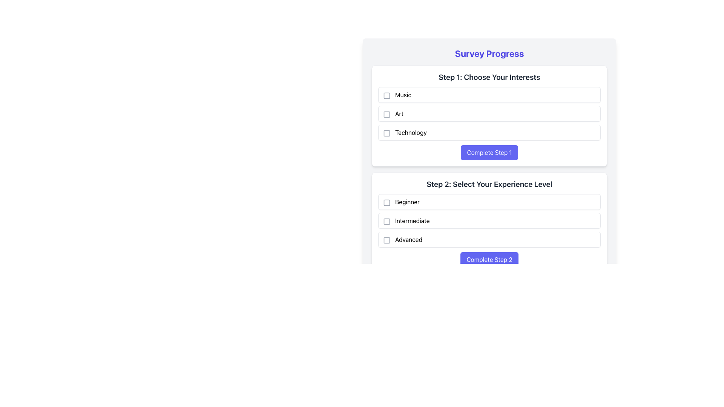 Image resolution: width=724 pixels, height=407 pixels. What do you see at coordinates (489, 113) in the screenshot?
I see `the checkbox labeled 'Art'` at bounding box center [489, 113].